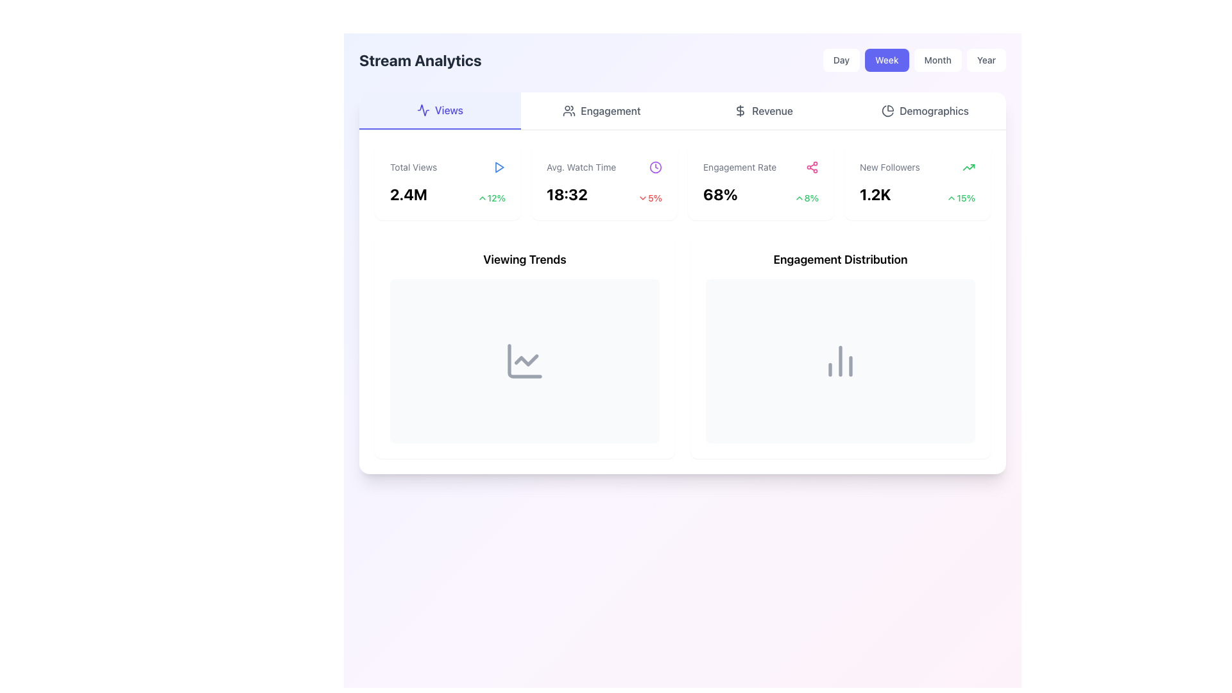 The width and height of the screenshot is (1232, 693). I want to click on the prominent bold text label displaying '2.4M', which is located in the top-left corner under the 'Total Views' heading, so click(407, 194).